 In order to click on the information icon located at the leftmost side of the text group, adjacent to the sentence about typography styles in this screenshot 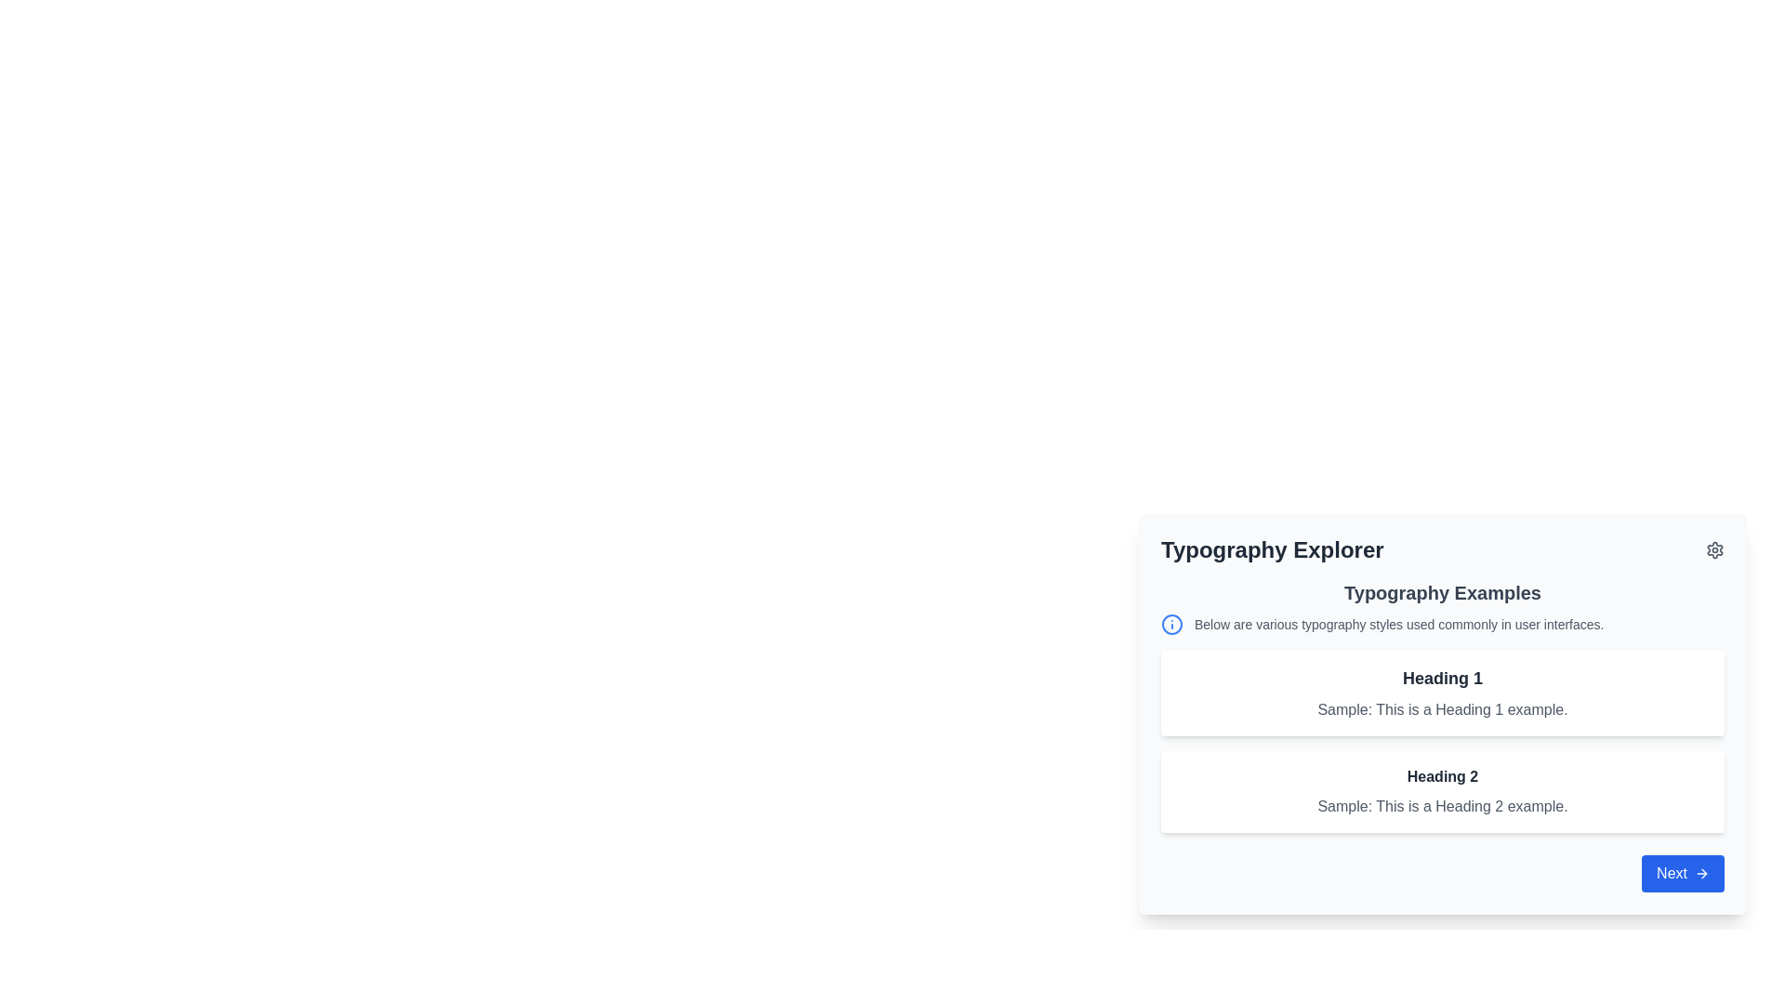, I will do `click(1171, 624)`.